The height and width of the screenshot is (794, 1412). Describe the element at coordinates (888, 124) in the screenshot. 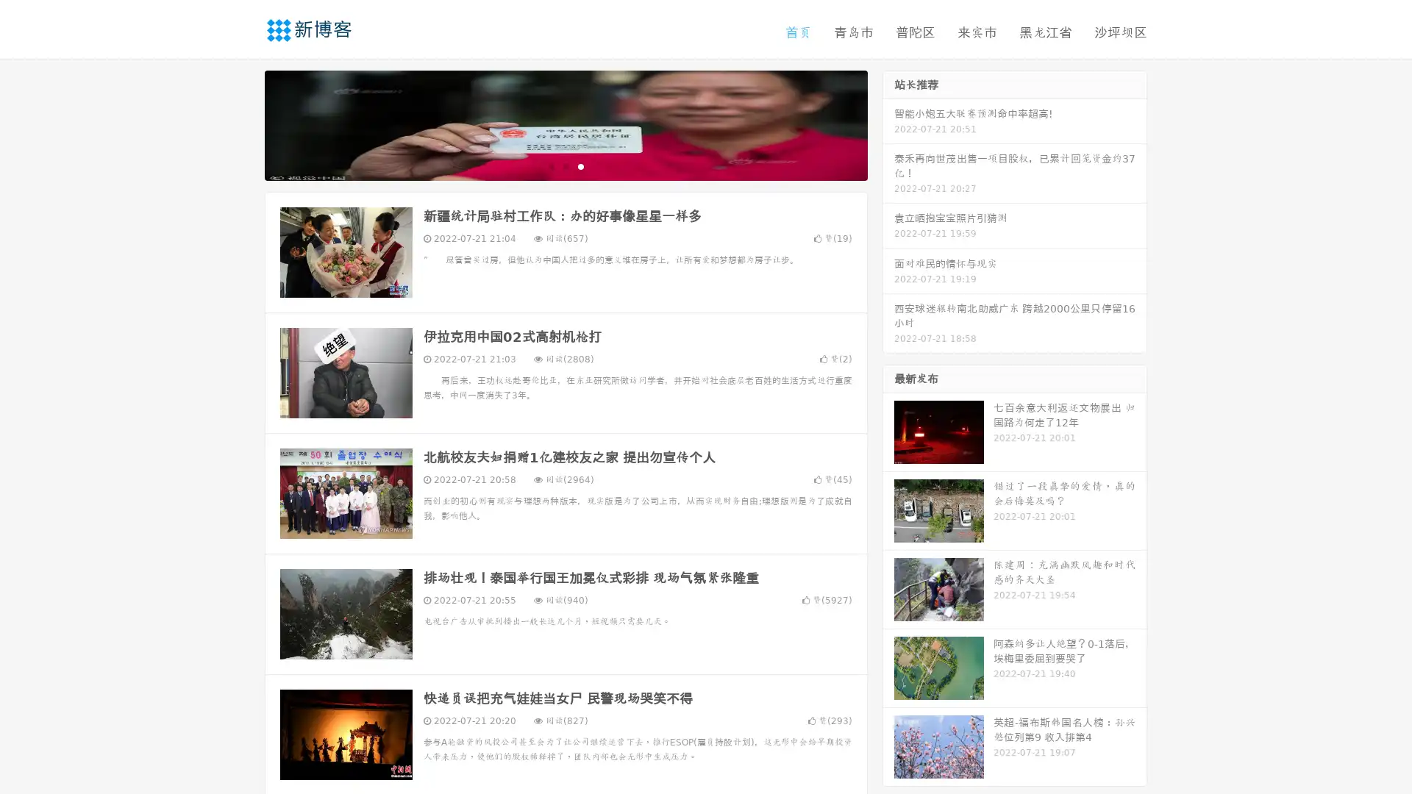

I see `Next slide` at that location.